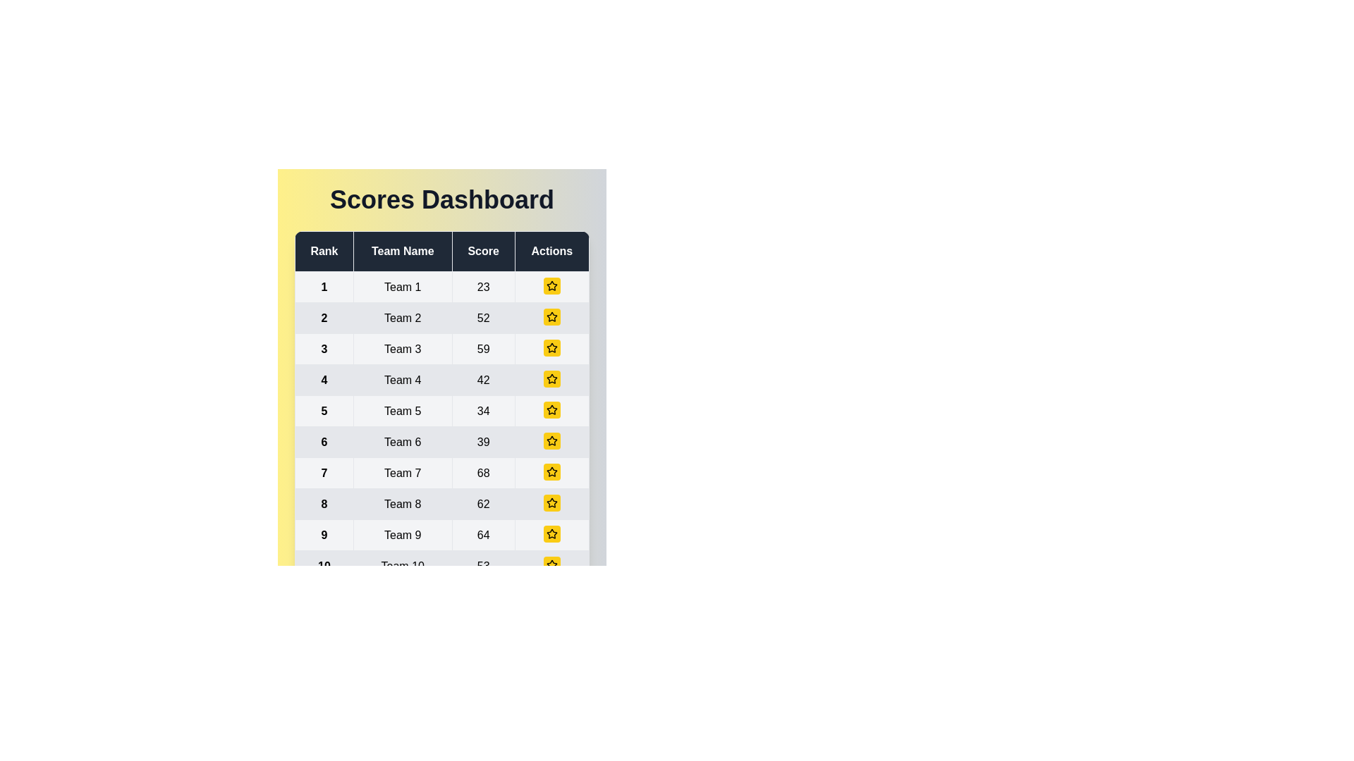  I want to click on the column header for Score to sort the table by that column, so click(483, 251).